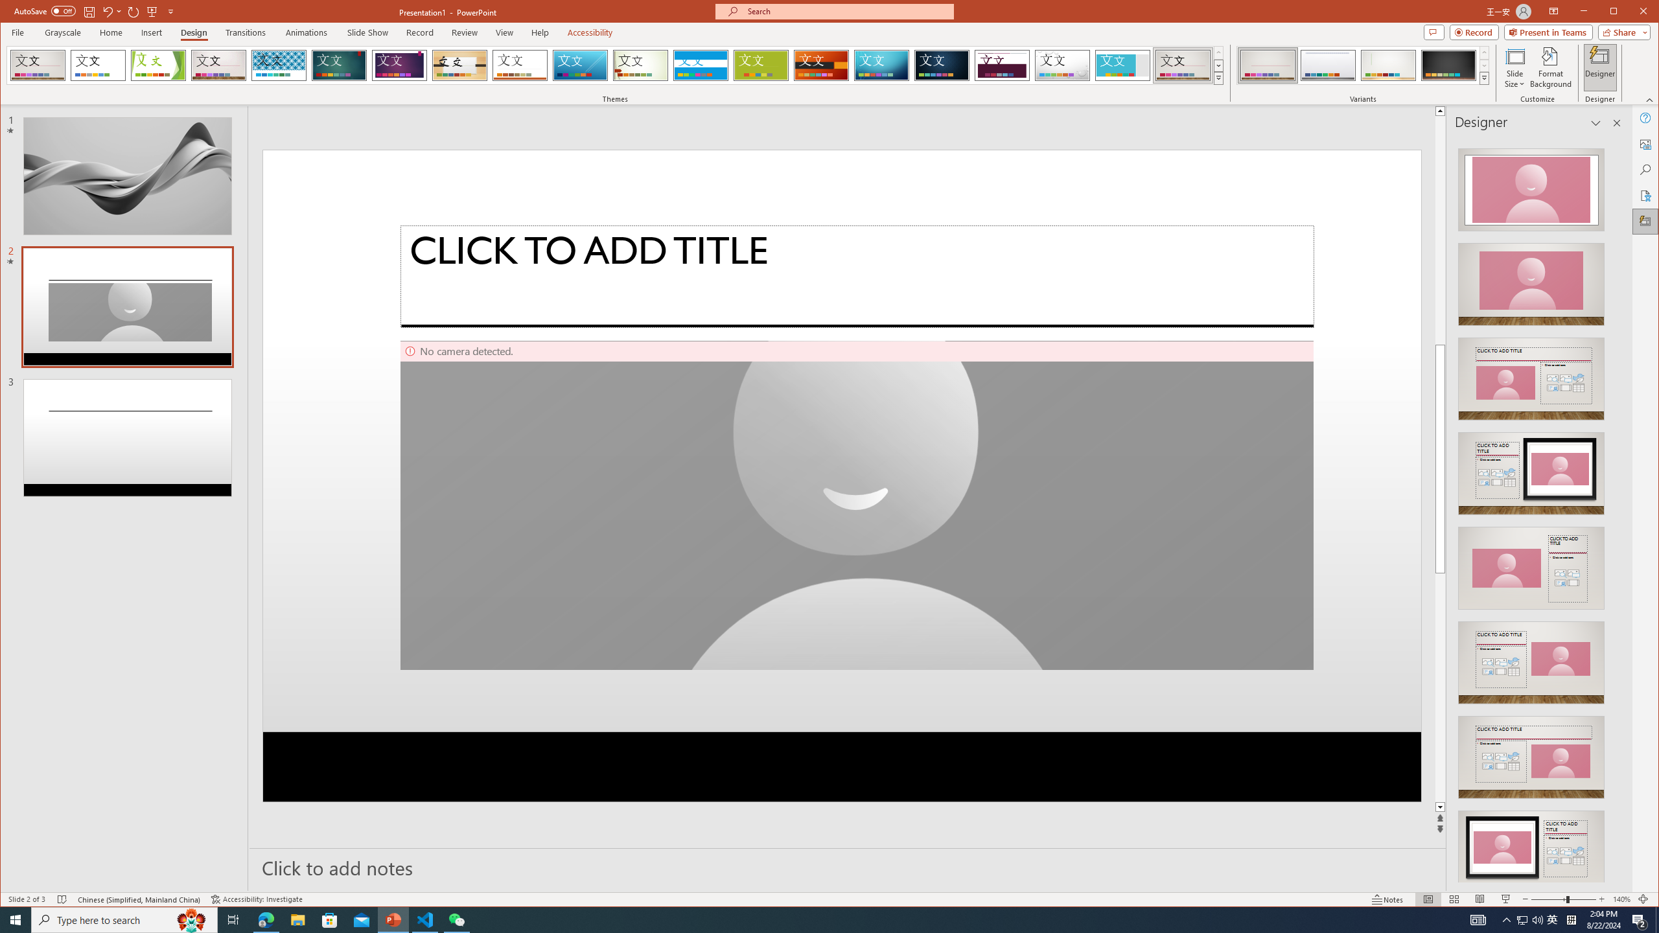  Describe the element at coordinates (1447, 65) in the screenshot. I see `'Gallery Variant 4'` at that location.